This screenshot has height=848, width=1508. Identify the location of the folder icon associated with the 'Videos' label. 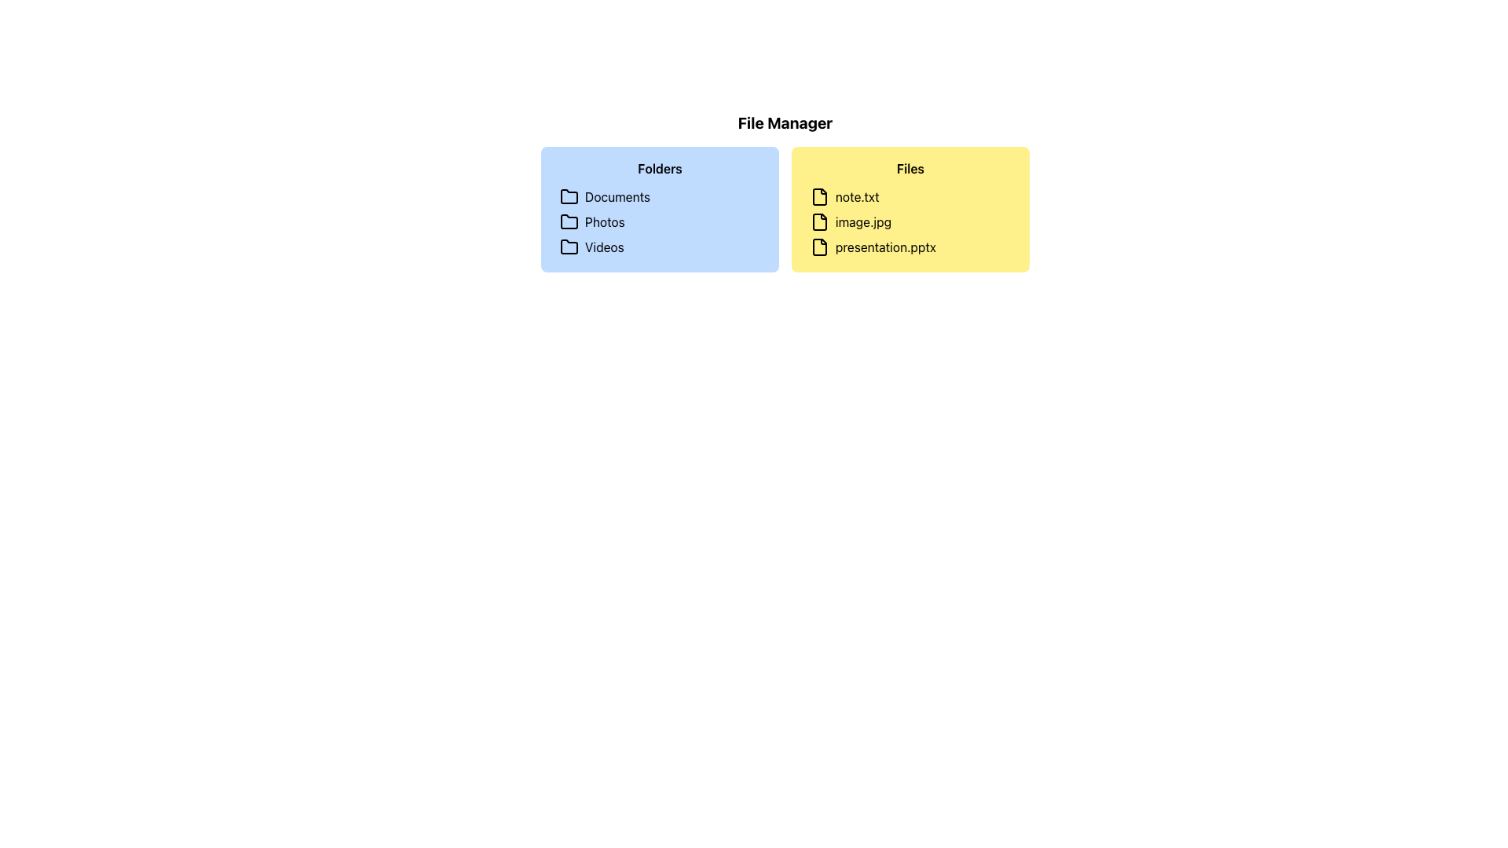
(568, 247).